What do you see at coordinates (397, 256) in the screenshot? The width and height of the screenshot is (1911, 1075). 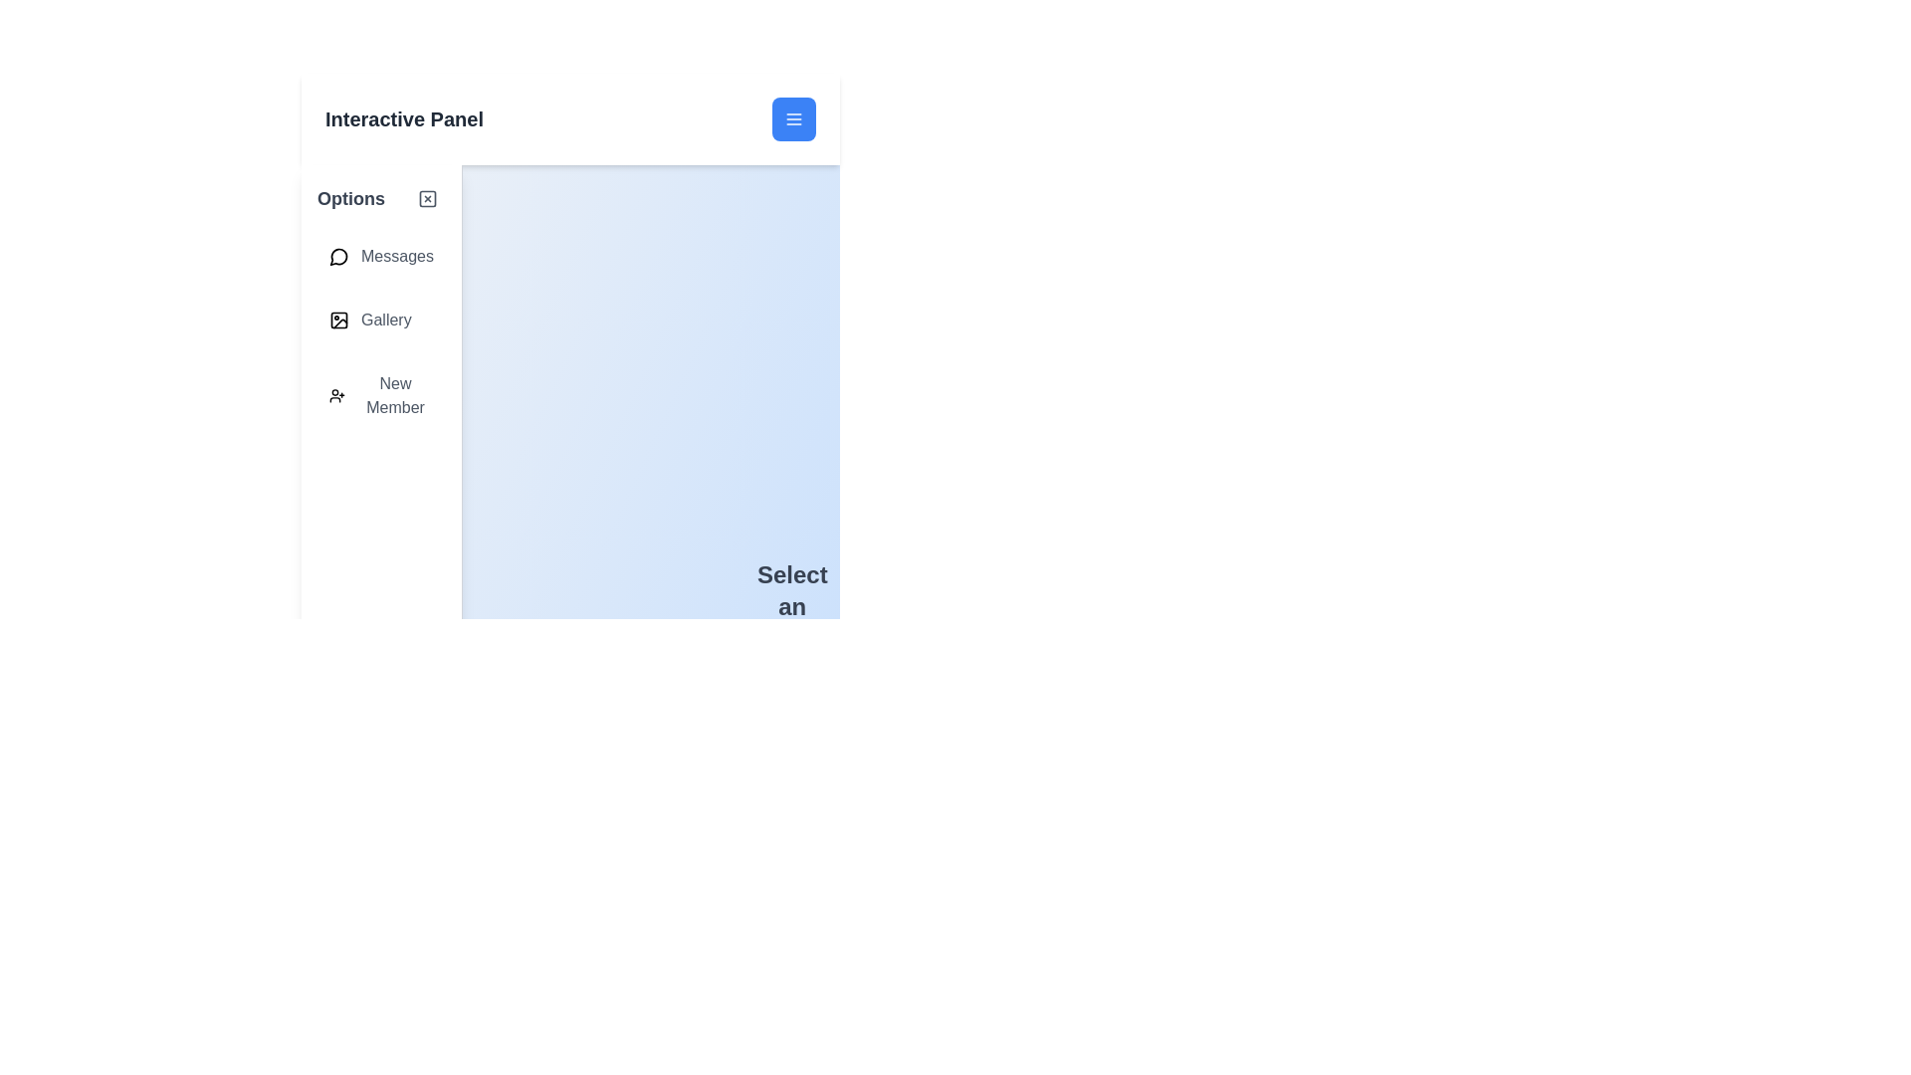 I see `the 'Messages' text label located in the vertical navigation panel, which serves as a label for messaging functionalities` at bounding box center [397, 256].